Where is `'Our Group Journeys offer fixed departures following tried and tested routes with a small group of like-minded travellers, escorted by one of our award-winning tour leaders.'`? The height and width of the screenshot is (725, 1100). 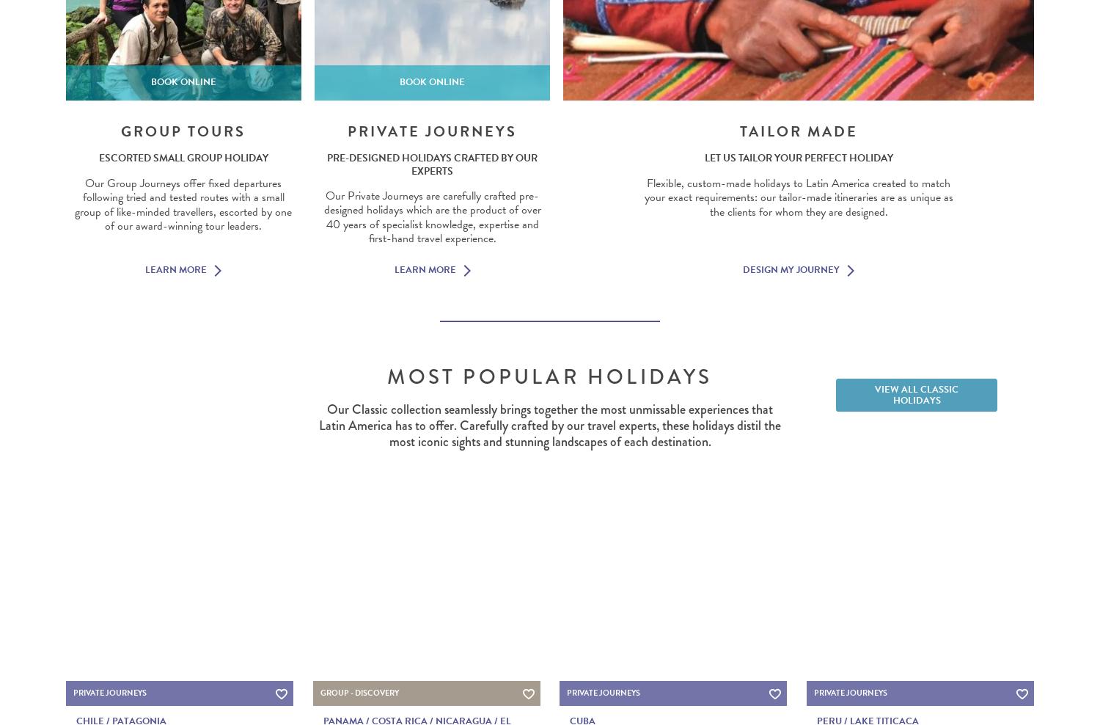 'Our Group Journeys offer fixed departures following tried and tested routes with a small group of like-minded travellers, escorted by one of our award-winning tour leaders.' is located at coordinates (183, 203).